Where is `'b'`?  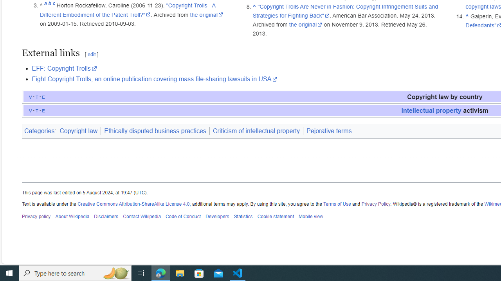
'b' is located at coordinates (49, 5).